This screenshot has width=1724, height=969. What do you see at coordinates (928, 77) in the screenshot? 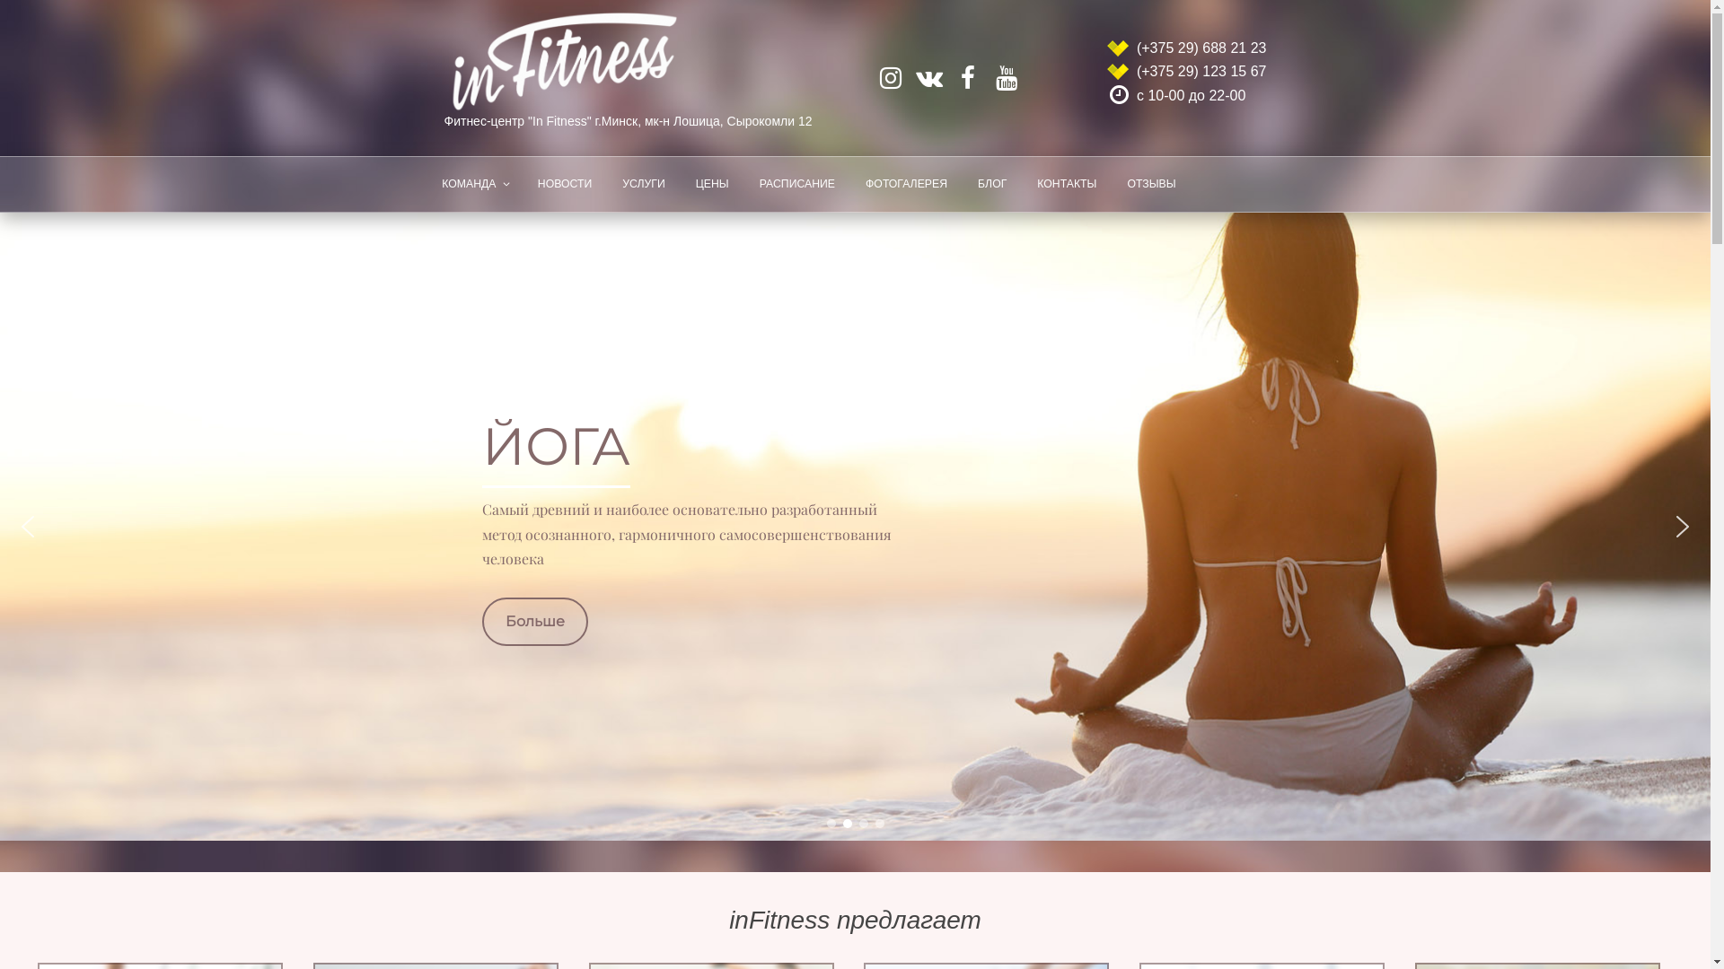
I see `'vk.com/infitnessby'` at bounding box center [928, 77].